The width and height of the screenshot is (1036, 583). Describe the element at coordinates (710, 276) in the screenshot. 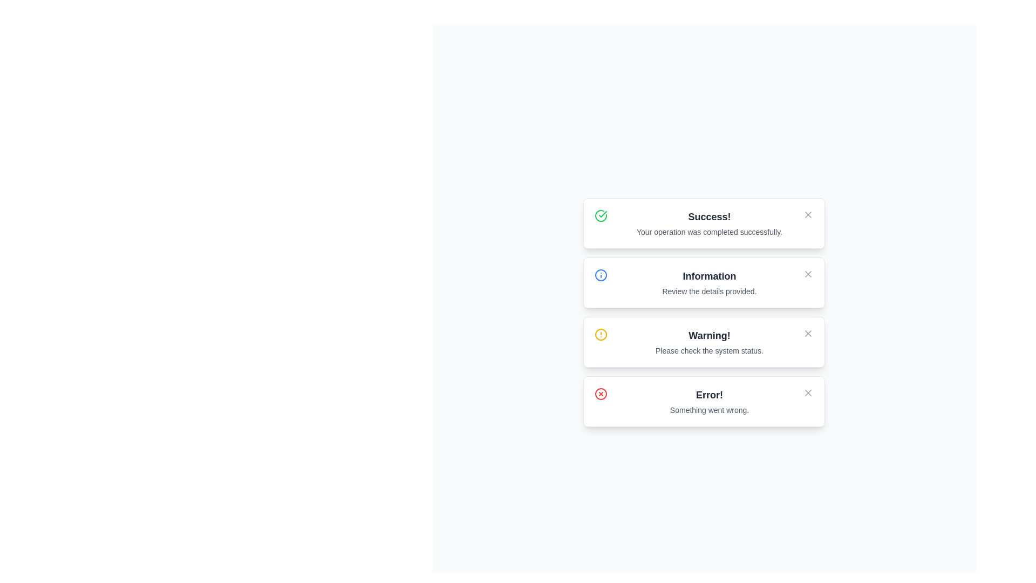

I see `nearby interactive elements within the notification card containing the bold 'Information' text` at that location.